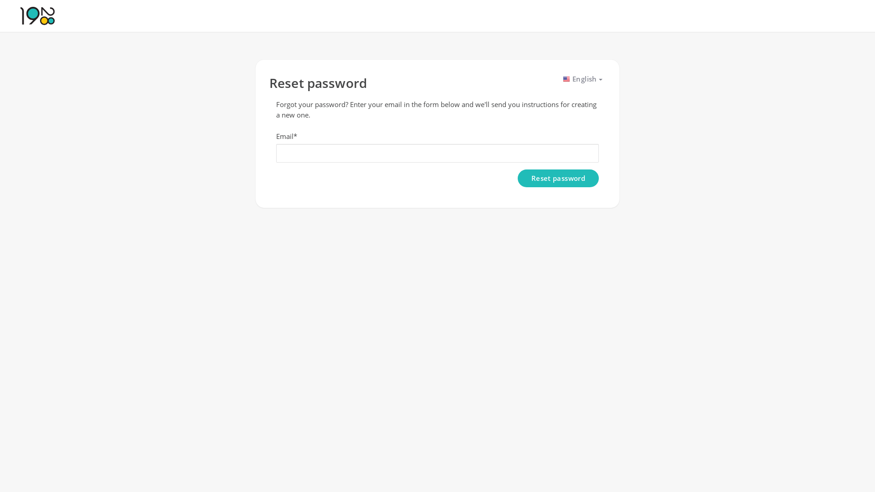  I want to click on 'Reset password', so click(557, 178).